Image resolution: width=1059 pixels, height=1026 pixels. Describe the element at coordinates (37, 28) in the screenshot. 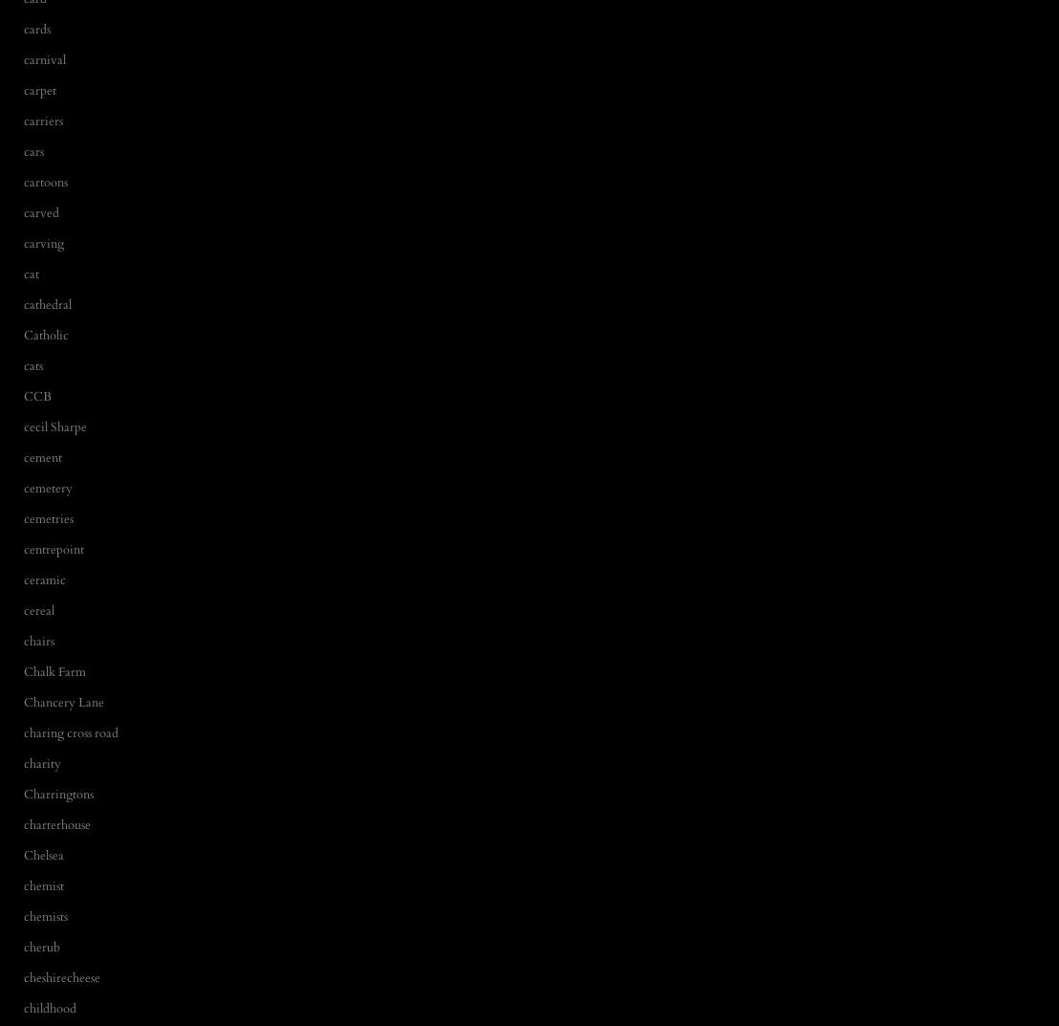

I see `'cards'` at that location.